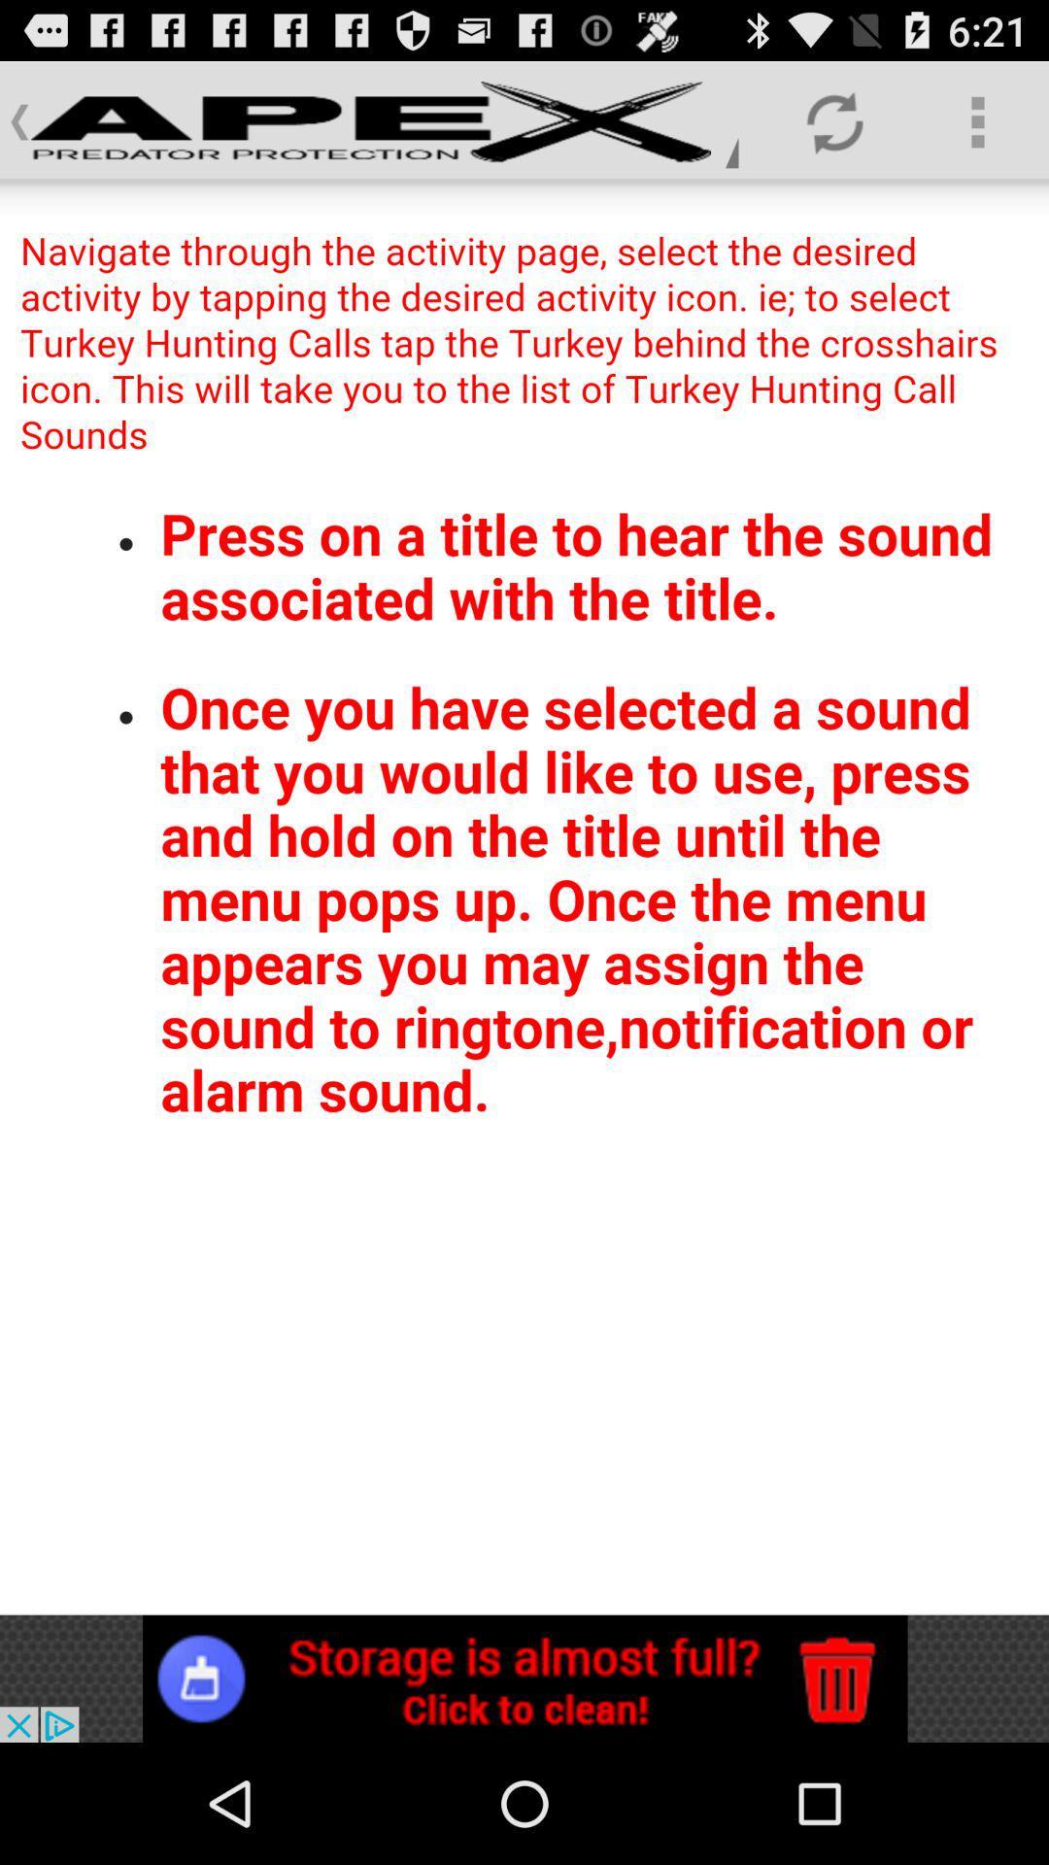 The image size is (1049, 1865). Describe the element at coordinates (524, 898) in the screenshot. I see `description` at that location.